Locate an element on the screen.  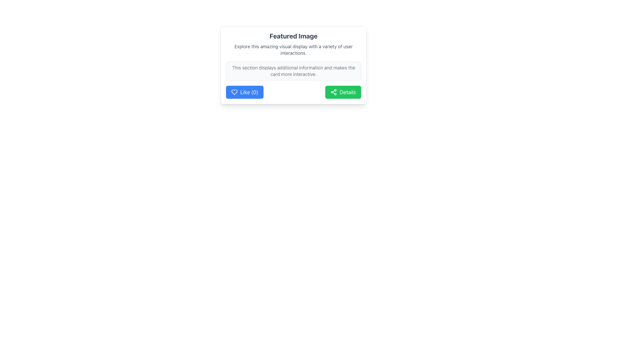
the Text Header located at the top of the card-like section, which serves as the title for the content area is located at coordinates (293, 36).